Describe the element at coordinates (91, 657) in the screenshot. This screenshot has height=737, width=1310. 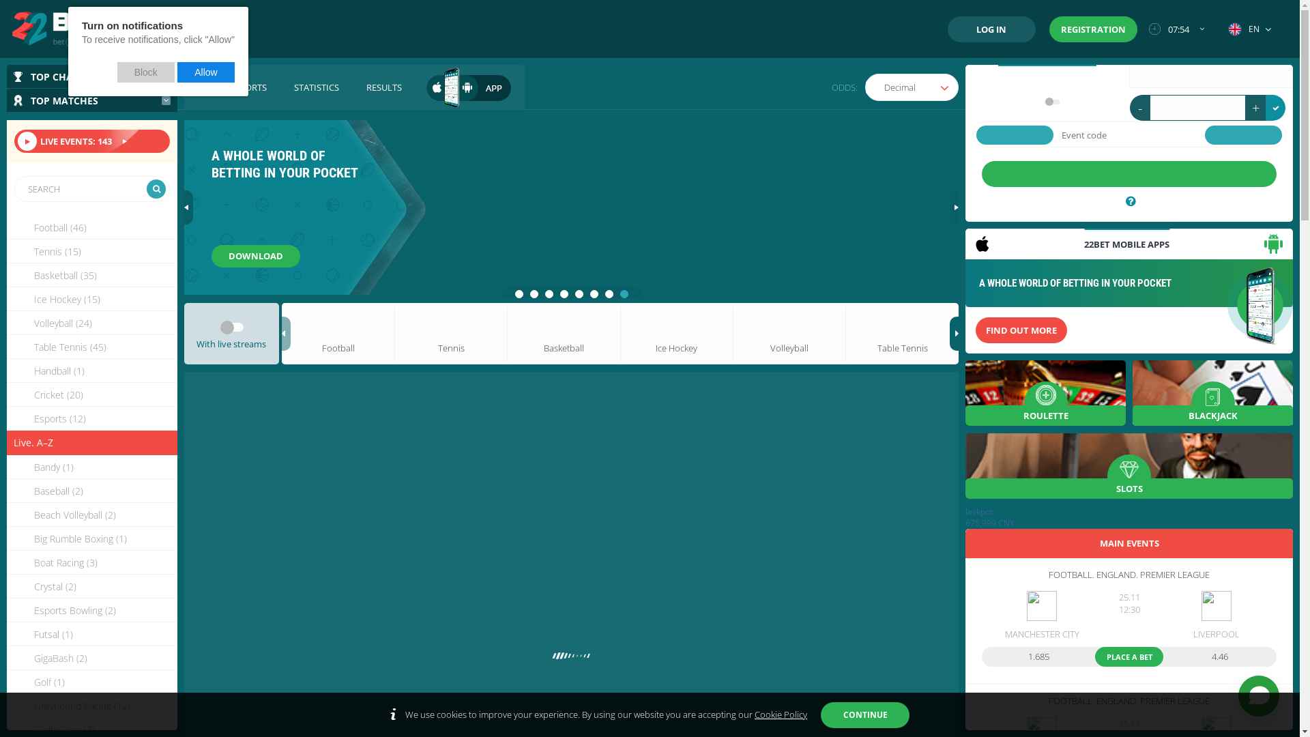
I see `'GigaBash` at that location.